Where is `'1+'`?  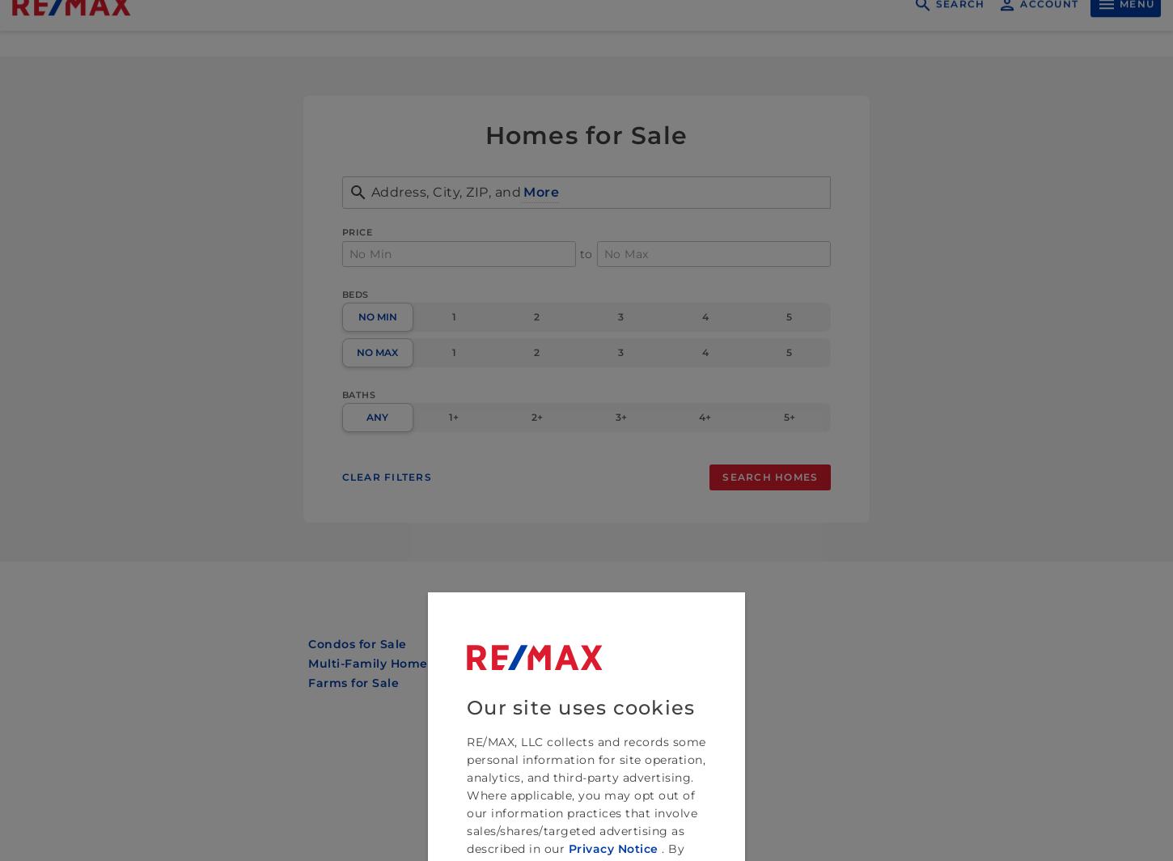
'1+' is located at coordinates (454, 417).